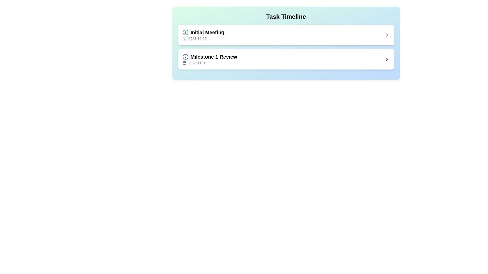 Image resolution: width=488 pixels, height=274 pixels. What do you see at coordinates (386, 35) in the screenshot?
I see `the right-facing chevron-shaped icon button at the far-right end of the 'Initial Meeting 2023-10-15' list item` at bounding box center [386, 35].